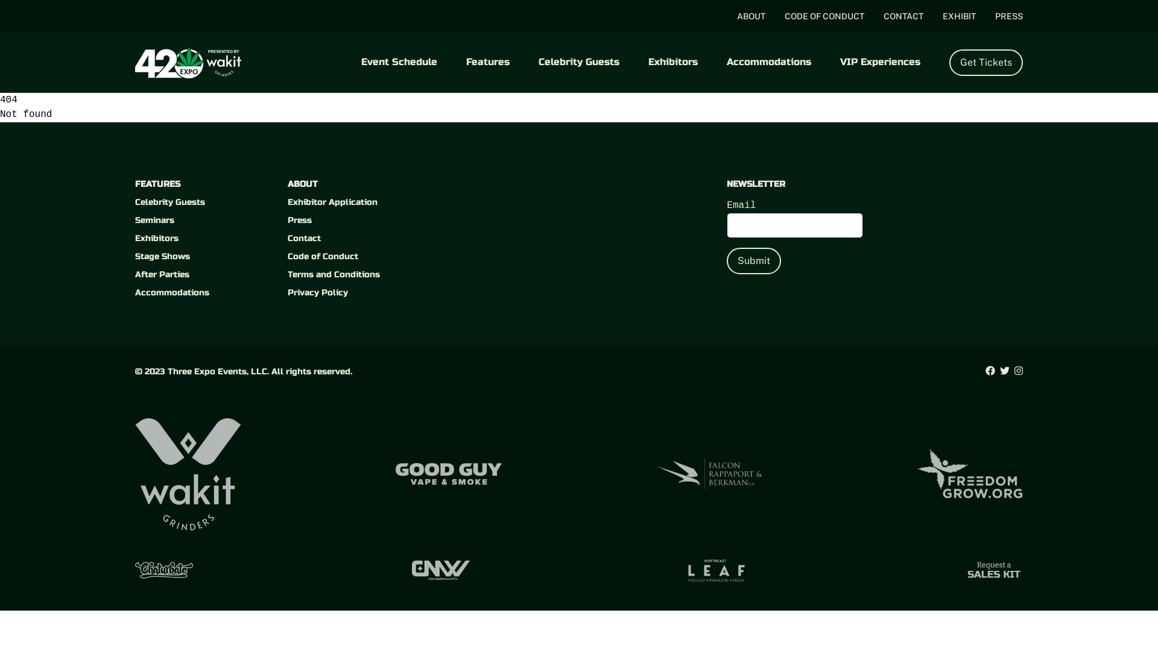 This screenshot has height=651, width=1158. I want to click on 'Seminars', so click(154, 220).